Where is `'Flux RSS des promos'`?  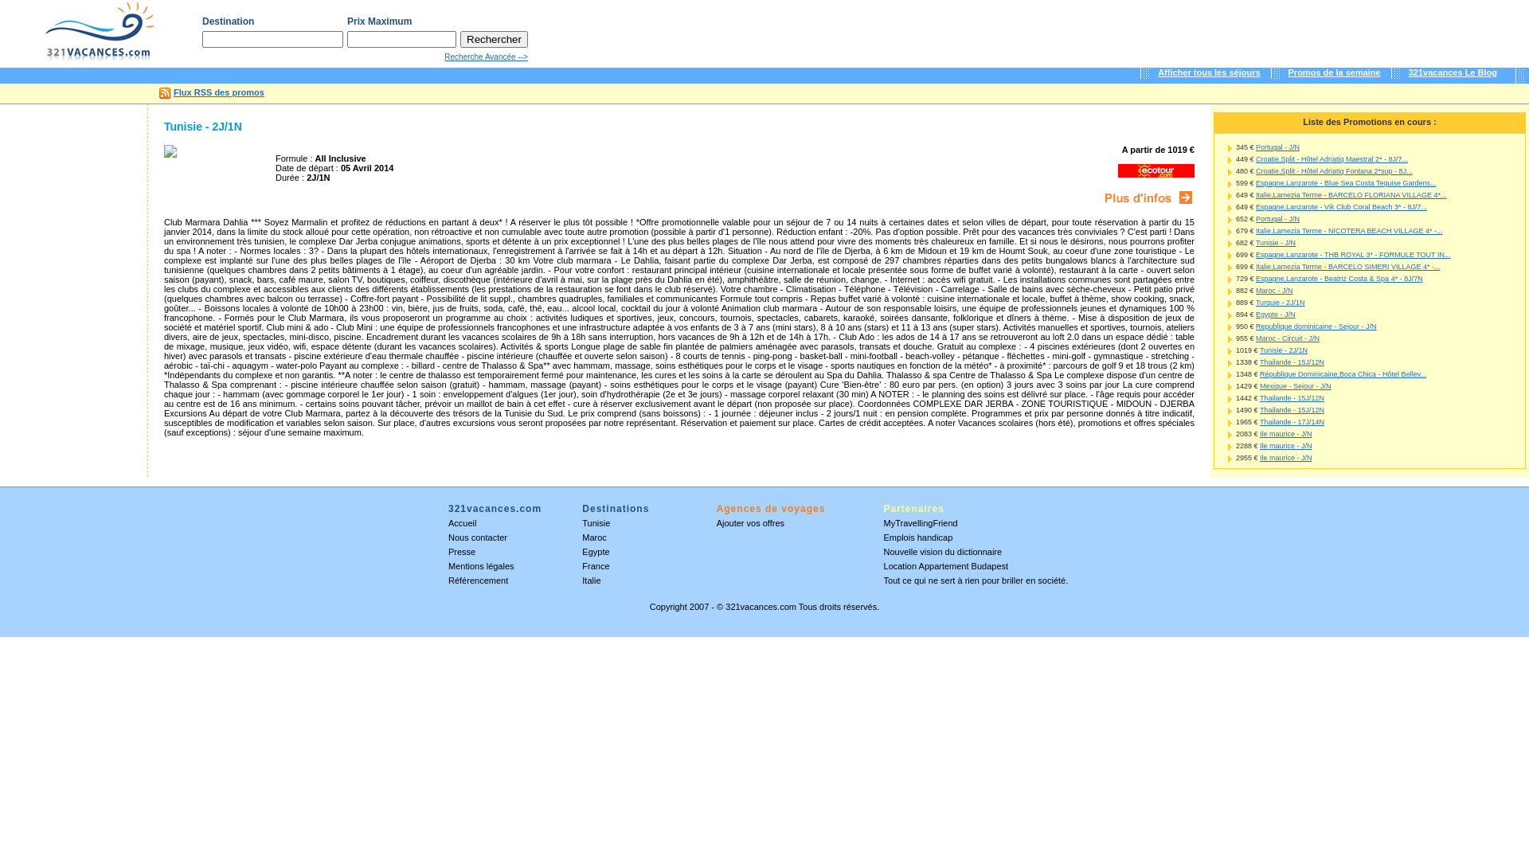 'Flux RSS des promos' is located at coordinates (217, 92).